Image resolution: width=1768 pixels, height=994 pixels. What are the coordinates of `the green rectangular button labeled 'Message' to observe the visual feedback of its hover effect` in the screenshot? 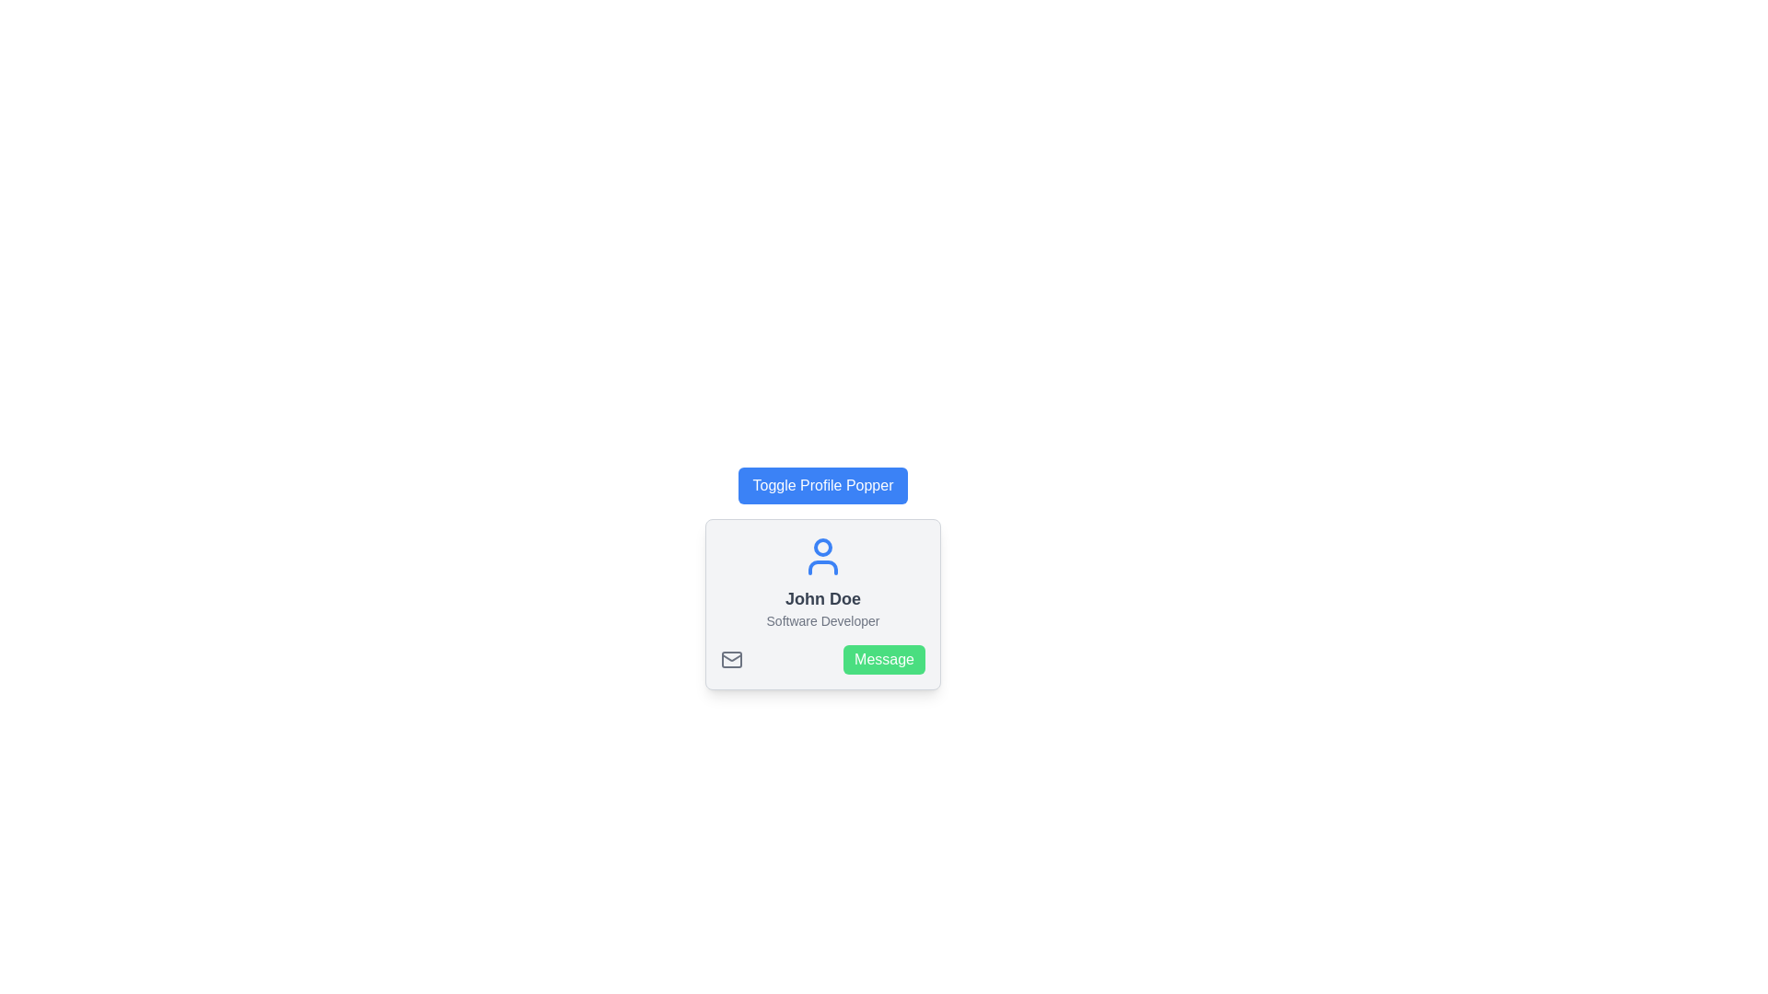 It's located at (884, 659).